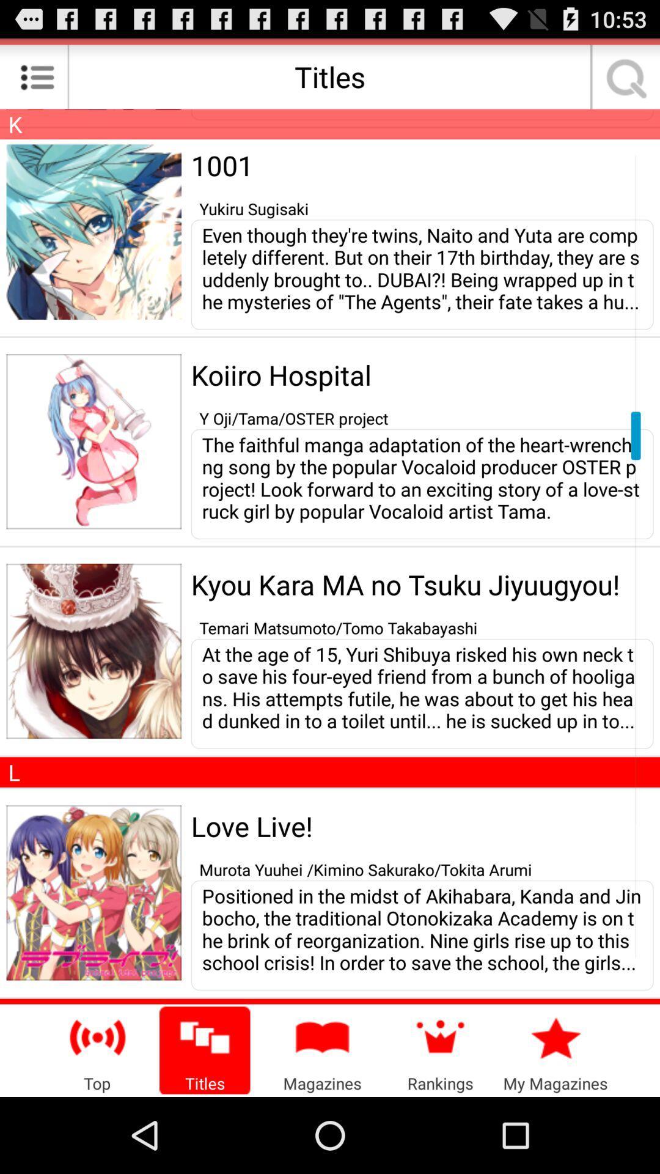 The width and height of the screenshot is (660, 1174). I want to click on the list icon, so click(37, 81).